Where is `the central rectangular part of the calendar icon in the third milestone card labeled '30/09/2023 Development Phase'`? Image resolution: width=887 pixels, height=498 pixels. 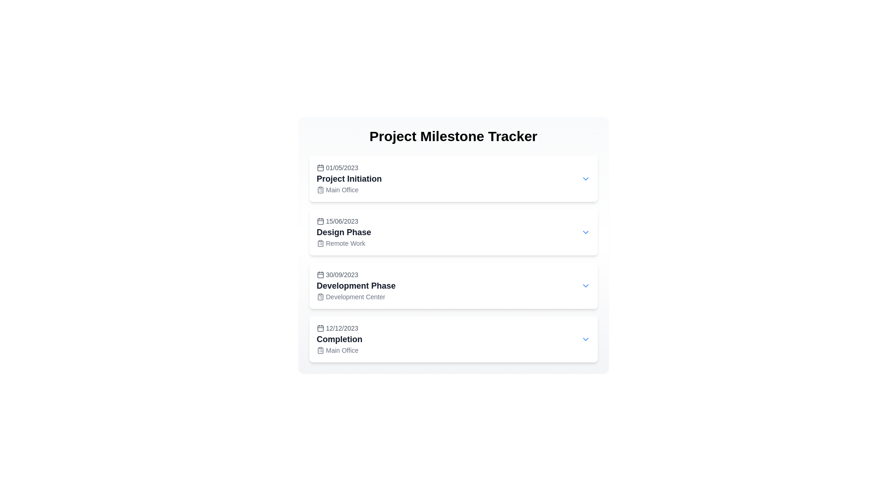
the central rectangular part of the calendar icon in the third milestone card labeled '30/09/2023 Development Phase' is located at coordinates (320, 274).